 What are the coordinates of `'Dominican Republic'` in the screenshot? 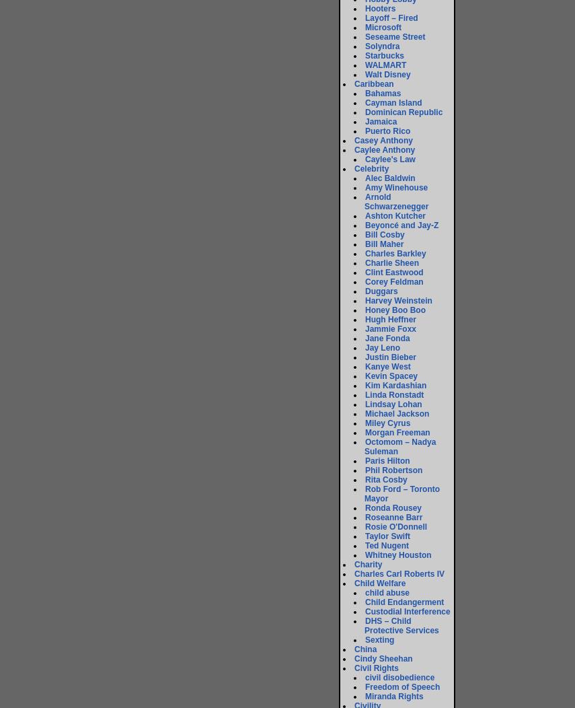 It's located at (365, 111).